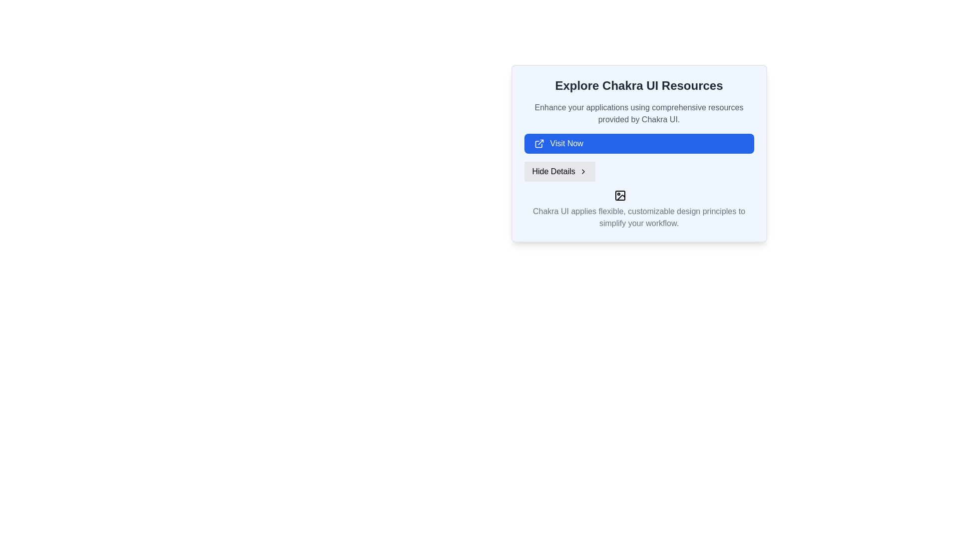  I want to click on the image placeholder located in the bottom section of a card layout, which represents an unavailable visual component, so click(619, 196).